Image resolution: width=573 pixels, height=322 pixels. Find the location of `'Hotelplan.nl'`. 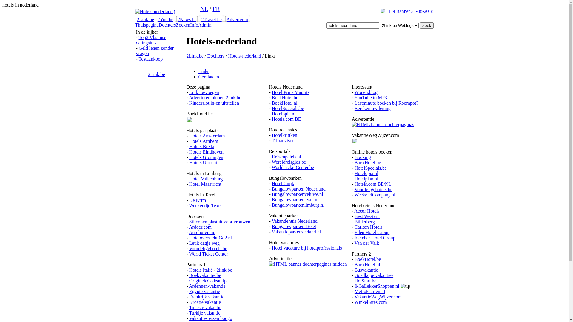

'Hotelplan.nl' is located at coordinates (366, 178).